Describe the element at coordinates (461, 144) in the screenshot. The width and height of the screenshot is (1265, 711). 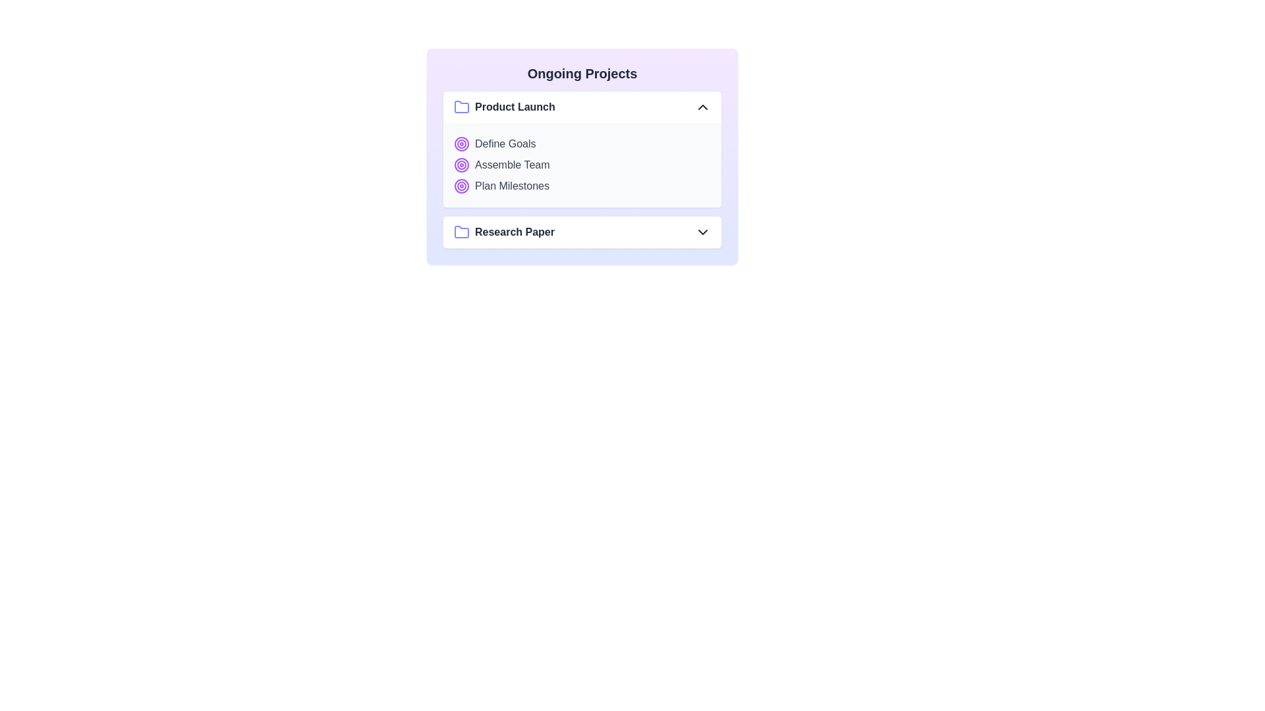
I see `the target icon for the Product Launch project` at that location.